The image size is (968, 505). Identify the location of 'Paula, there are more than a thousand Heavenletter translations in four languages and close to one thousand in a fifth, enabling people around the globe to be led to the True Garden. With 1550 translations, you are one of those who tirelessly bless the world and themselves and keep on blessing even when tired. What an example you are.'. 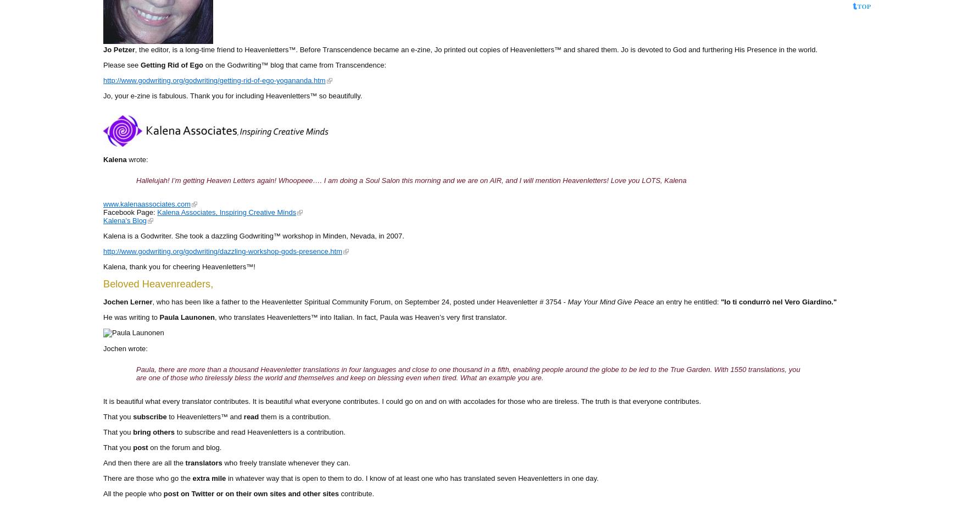
(136, 372).